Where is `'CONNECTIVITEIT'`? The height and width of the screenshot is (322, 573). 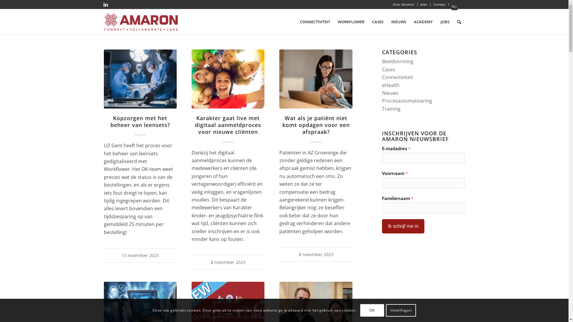 'CONNECTIVITEIT' is located at coordinates (315, 21).